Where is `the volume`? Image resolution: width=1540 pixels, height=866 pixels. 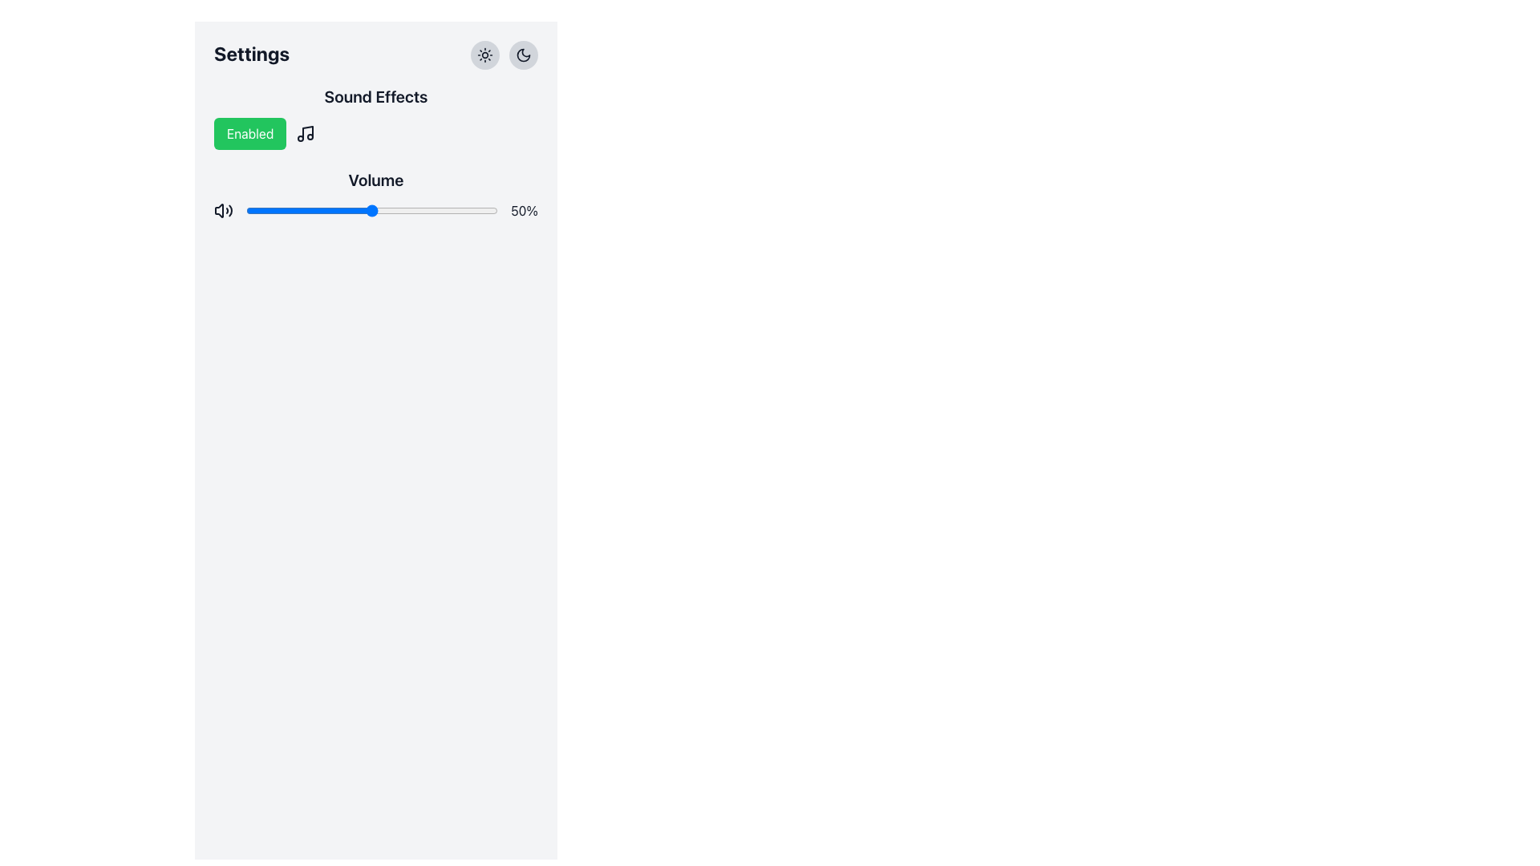 the volume is located at coordinates (253, 209).